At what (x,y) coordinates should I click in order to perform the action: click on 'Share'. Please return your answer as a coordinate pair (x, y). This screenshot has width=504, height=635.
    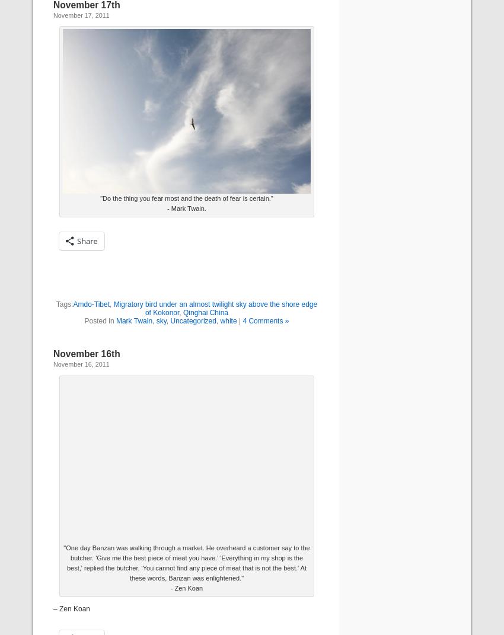
    Looking at the image, I should click on (87, 240).